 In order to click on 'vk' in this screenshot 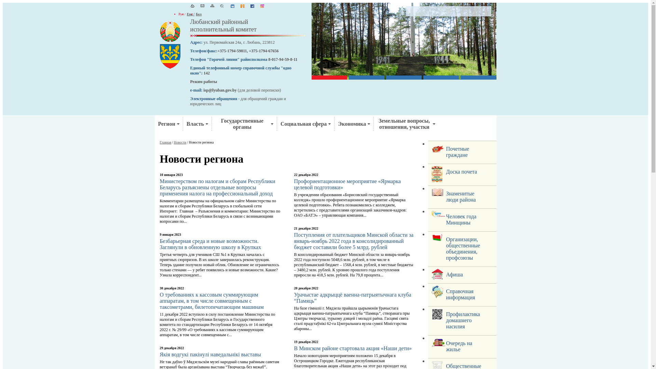, I will do `click(230, 6)`.